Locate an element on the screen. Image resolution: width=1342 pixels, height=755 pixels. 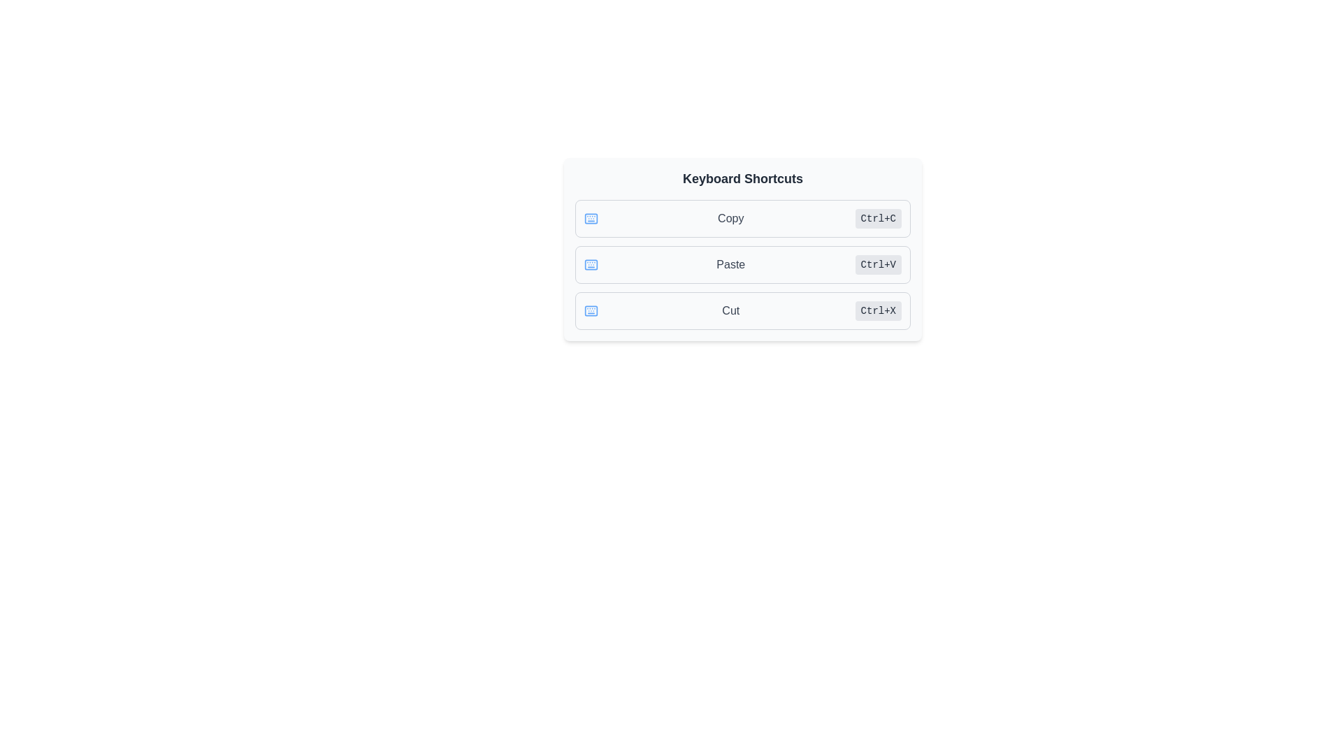
the Text label displaying the keyboard shortcut for the 'Copy' action, located next to the 'Copy' label in the top row of a vertical list is located at coordinates (877, 218).